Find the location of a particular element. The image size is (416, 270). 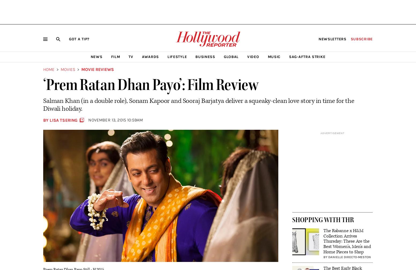

'Lifestyle' is located at coordinates (167, 56).